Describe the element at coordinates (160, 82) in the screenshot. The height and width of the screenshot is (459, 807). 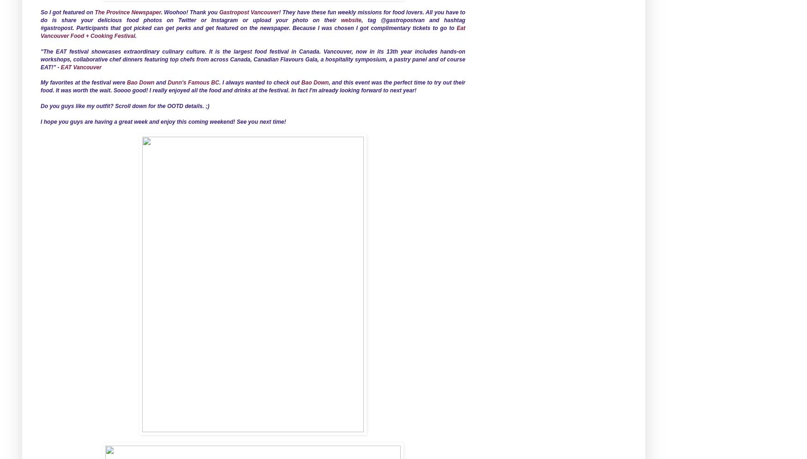
I see `'and'` at that location.